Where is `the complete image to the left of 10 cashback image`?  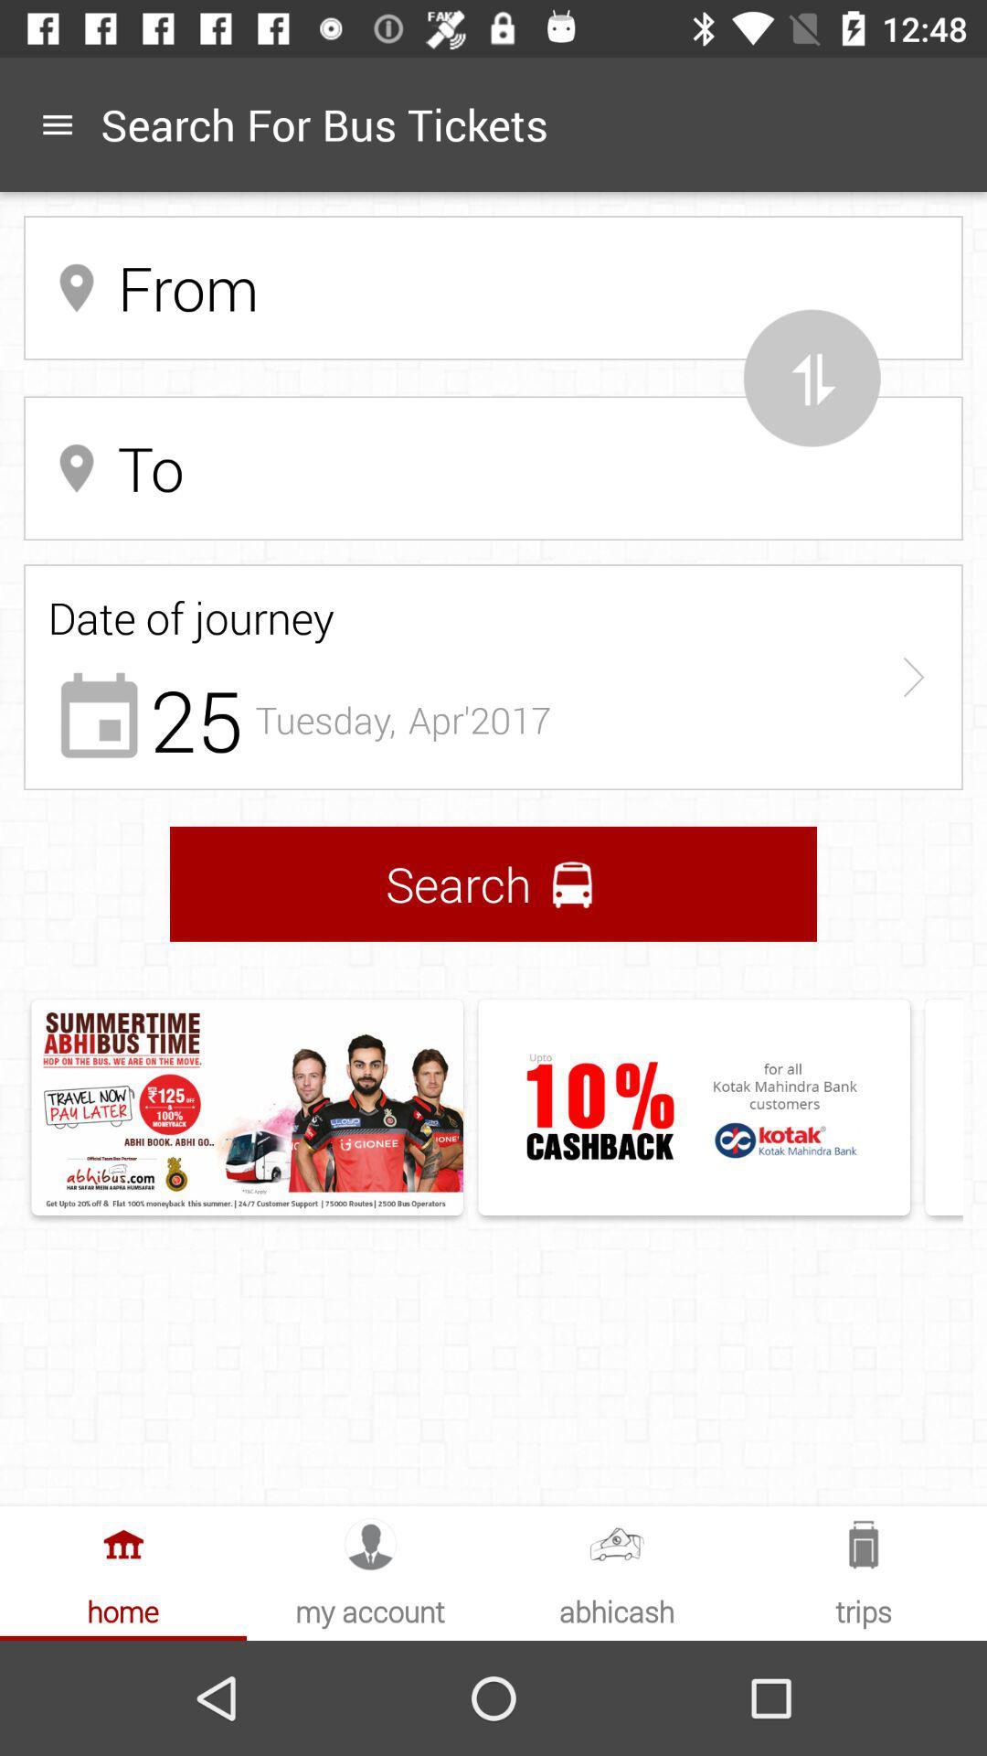
the complete image to the left of 10 cashback image is located at coordinates (247, 1106).